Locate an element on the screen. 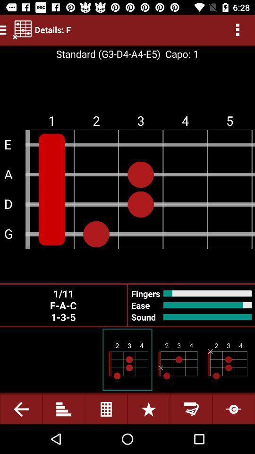 This screenshot has width=255, height=454. the standard g3 d4 item is located at coordinates (108, 54).